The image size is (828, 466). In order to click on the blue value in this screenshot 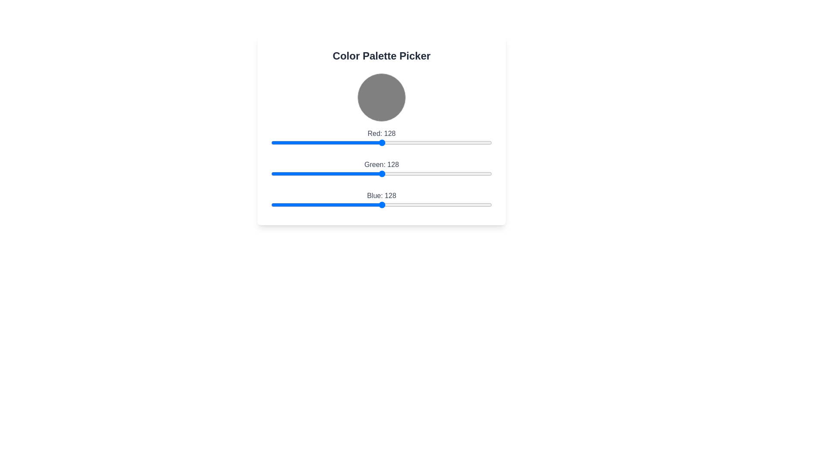, I will do `click(370, 205)`.